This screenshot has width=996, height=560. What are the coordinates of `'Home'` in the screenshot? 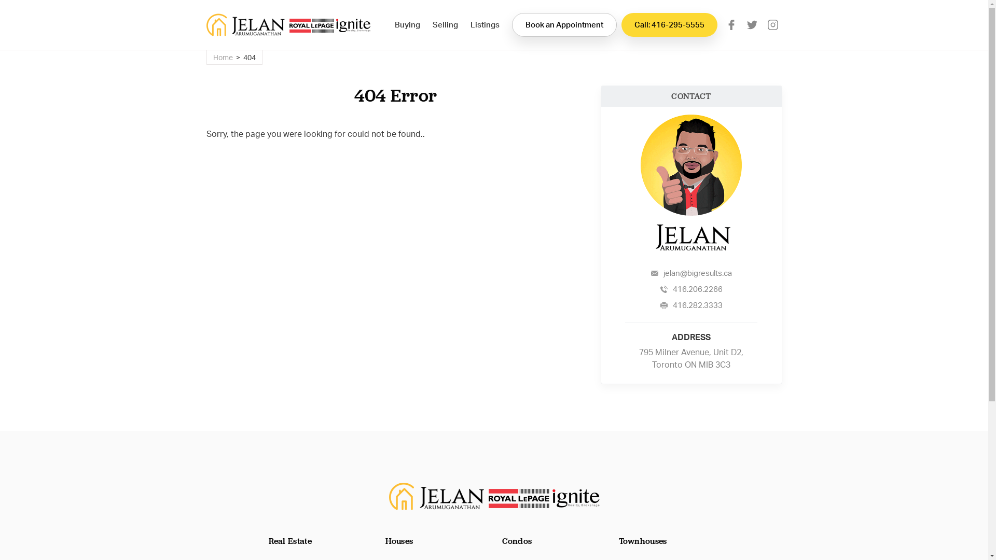 It's located at (222, 57).